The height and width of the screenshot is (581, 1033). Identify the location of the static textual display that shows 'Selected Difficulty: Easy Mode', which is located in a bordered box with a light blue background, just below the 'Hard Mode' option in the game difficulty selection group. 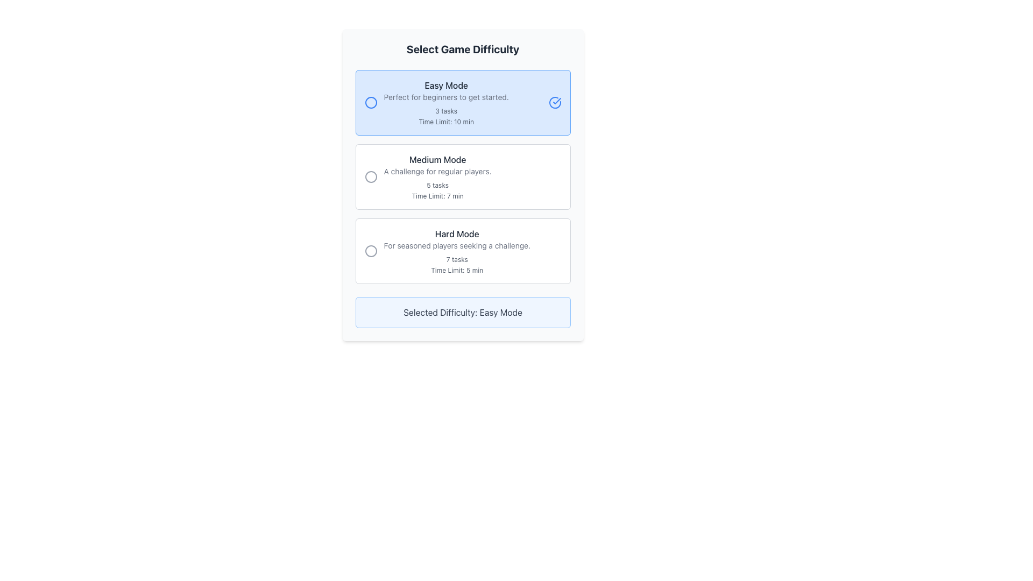
(463, 313).